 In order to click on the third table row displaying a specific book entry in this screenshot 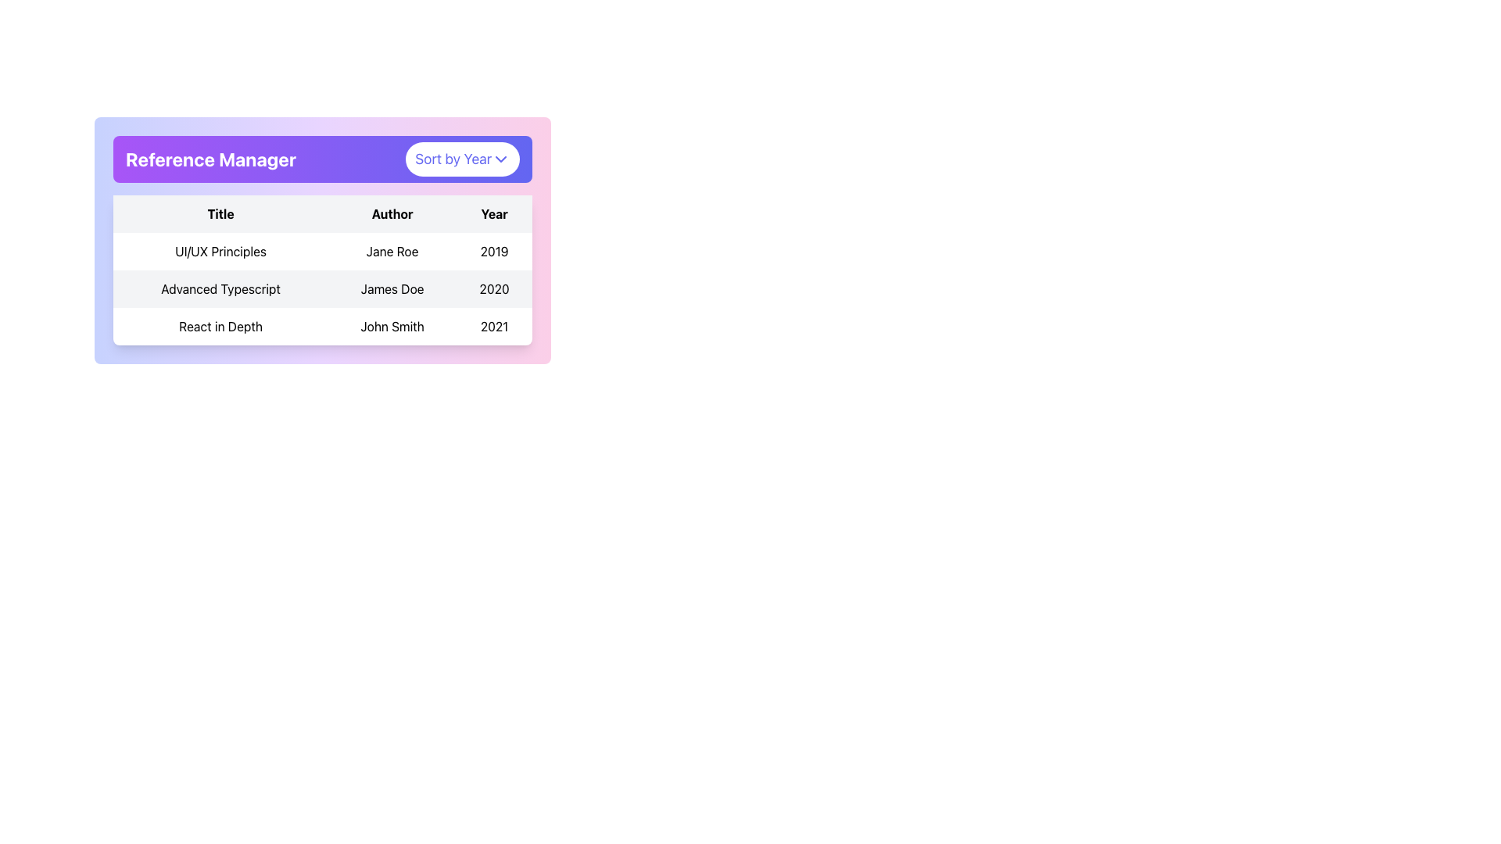, I will do `click(321, 325)`.